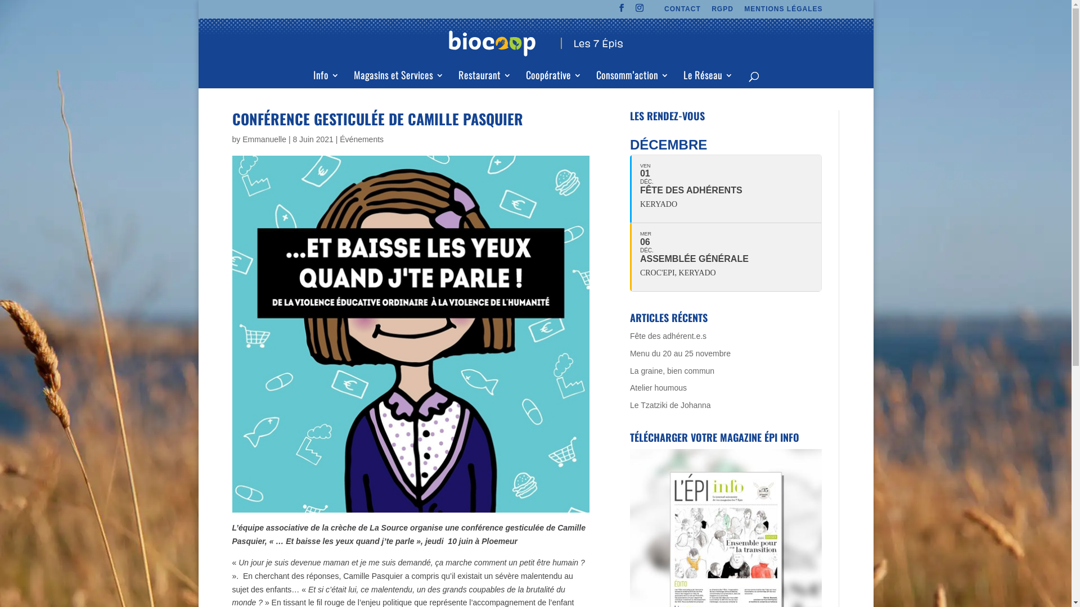  What do you see at coordinates (679, 352) in the screenshot?
I see `'Menu du 20 au 25 novembre'` at bounding box center [679, 352].